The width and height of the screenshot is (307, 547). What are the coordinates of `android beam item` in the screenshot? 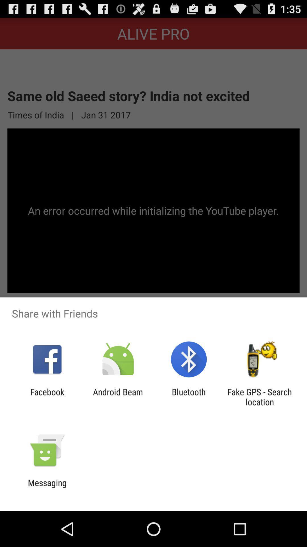 It's located at (118, 397).